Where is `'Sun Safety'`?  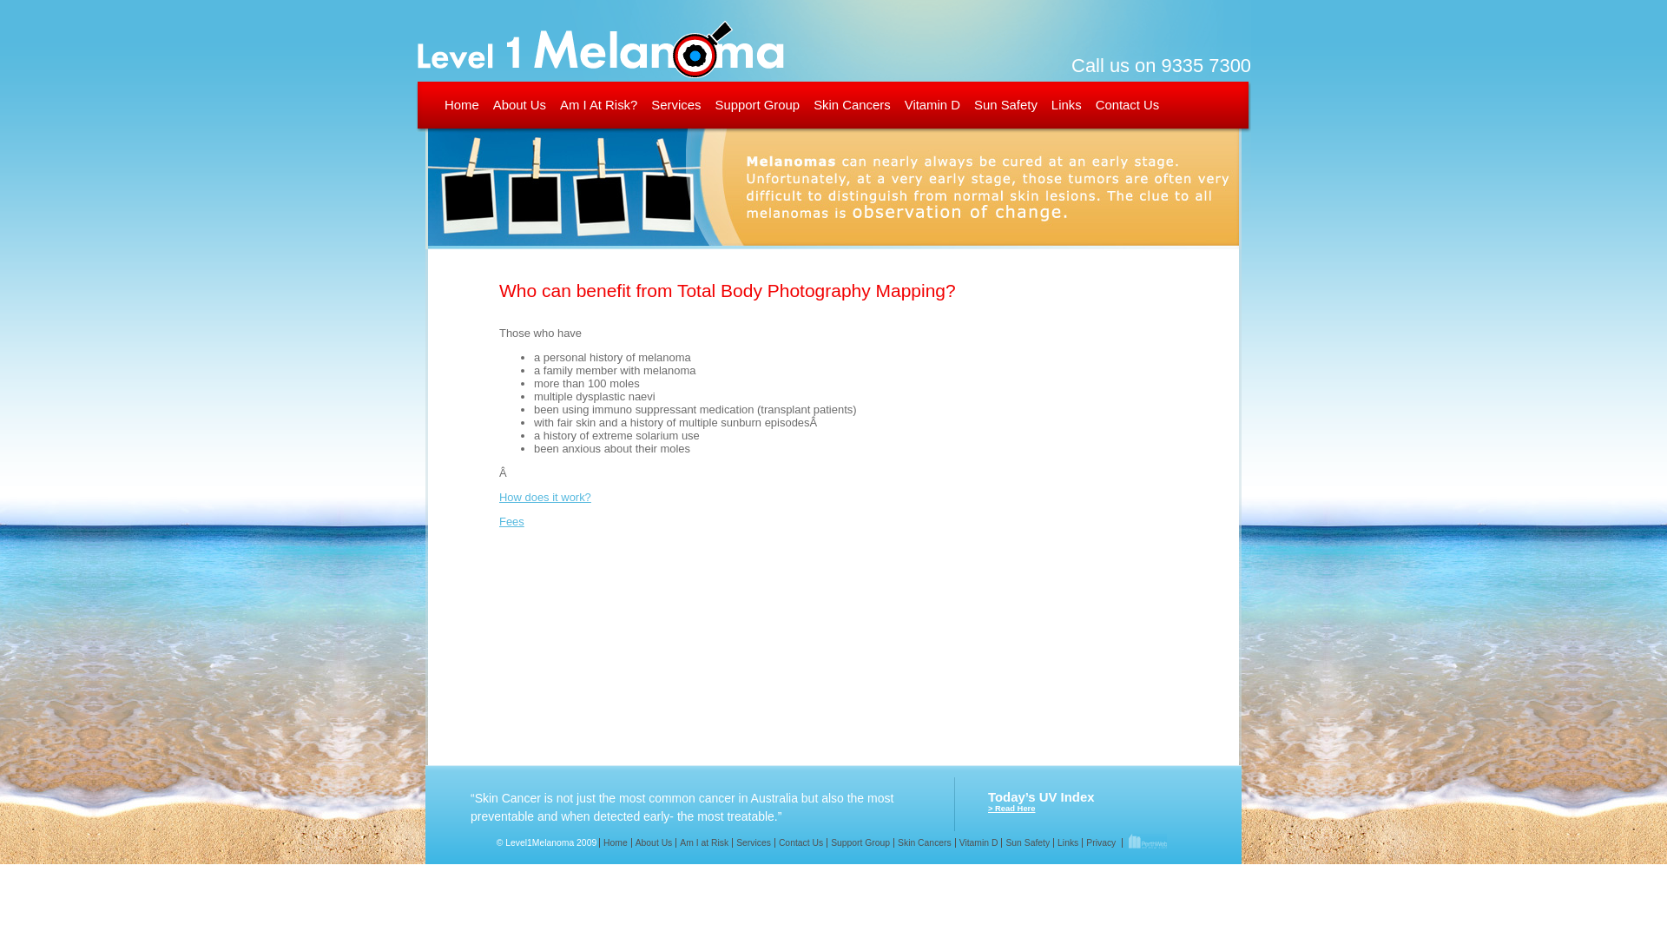 'Sun Safety' is located at coordinates (1026, 842).